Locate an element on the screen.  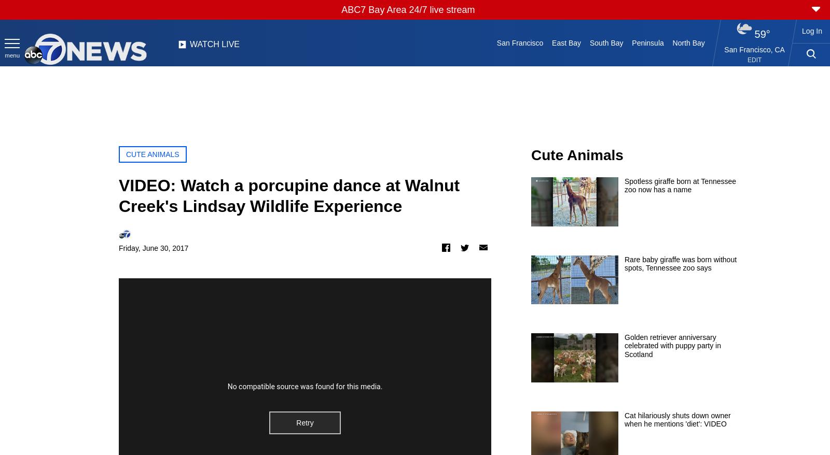
'WATCH' is located at coordinates (204, 44).